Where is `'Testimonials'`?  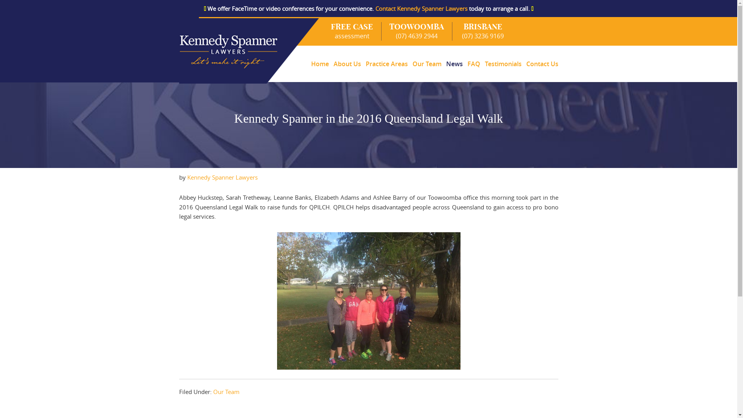
'Testimonials' is located at coordinates (503, 63).